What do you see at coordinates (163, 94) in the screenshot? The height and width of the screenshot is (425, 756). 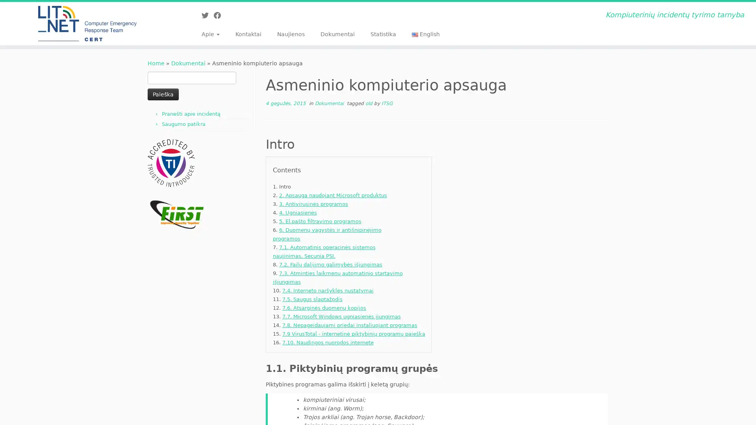 I see `Paieska` at bounding box center [163, 94].